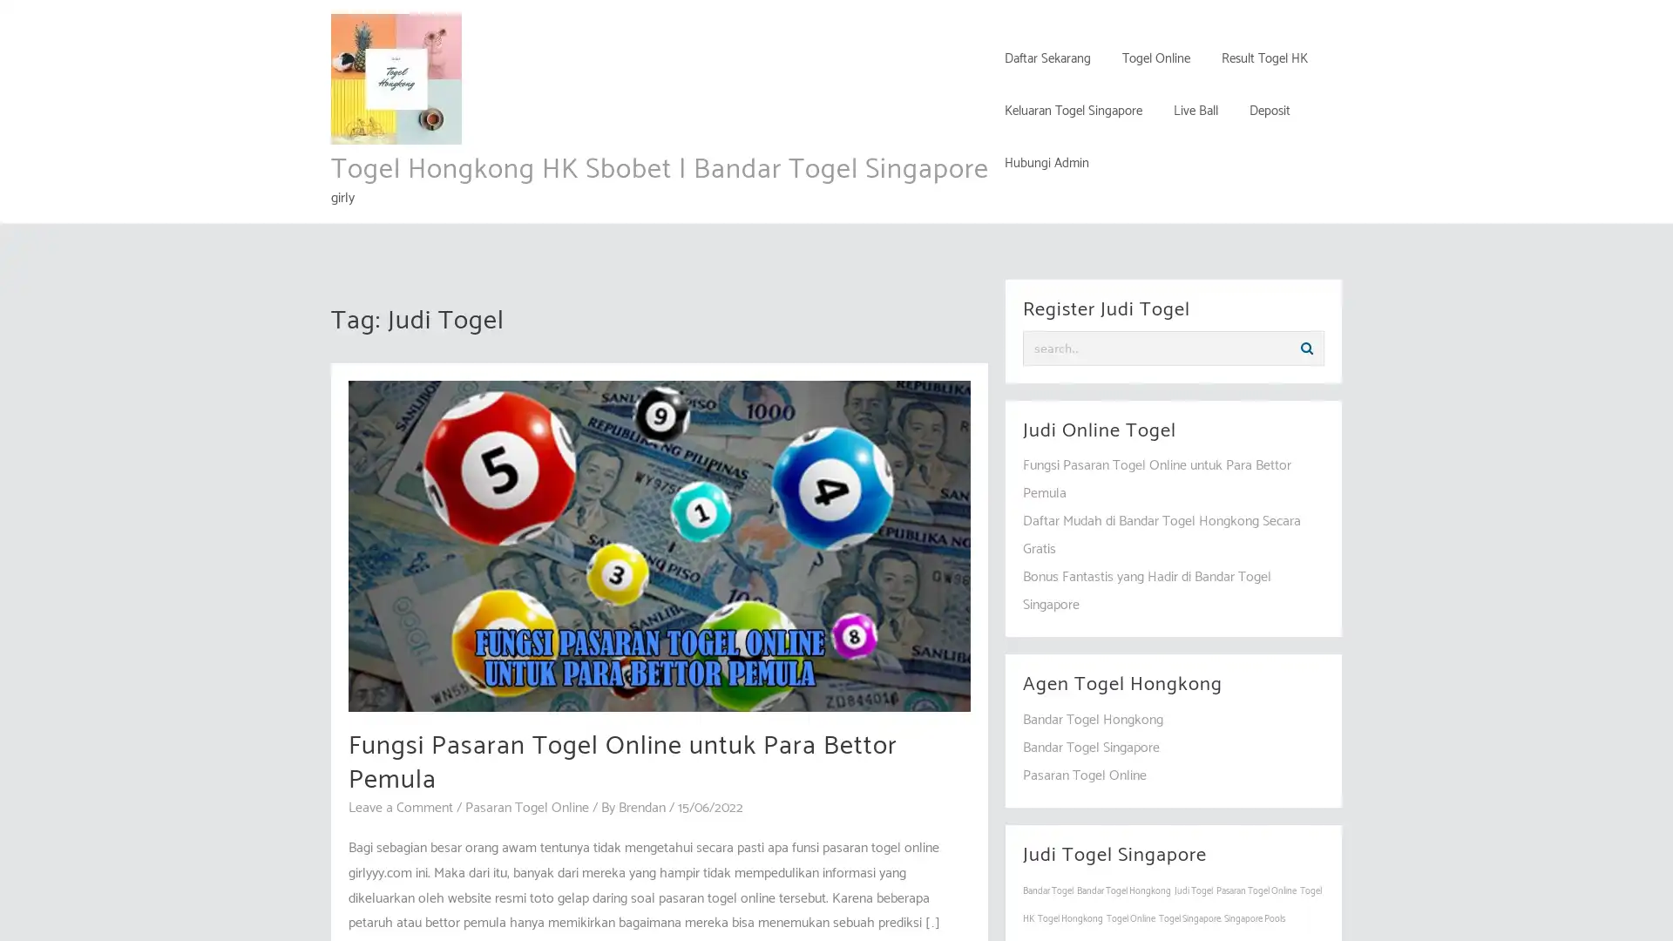 This screenshot has width=1673, height=941. Describe the element at coordinates (1306, 349) in the screenshot. I see `Search` at that location.